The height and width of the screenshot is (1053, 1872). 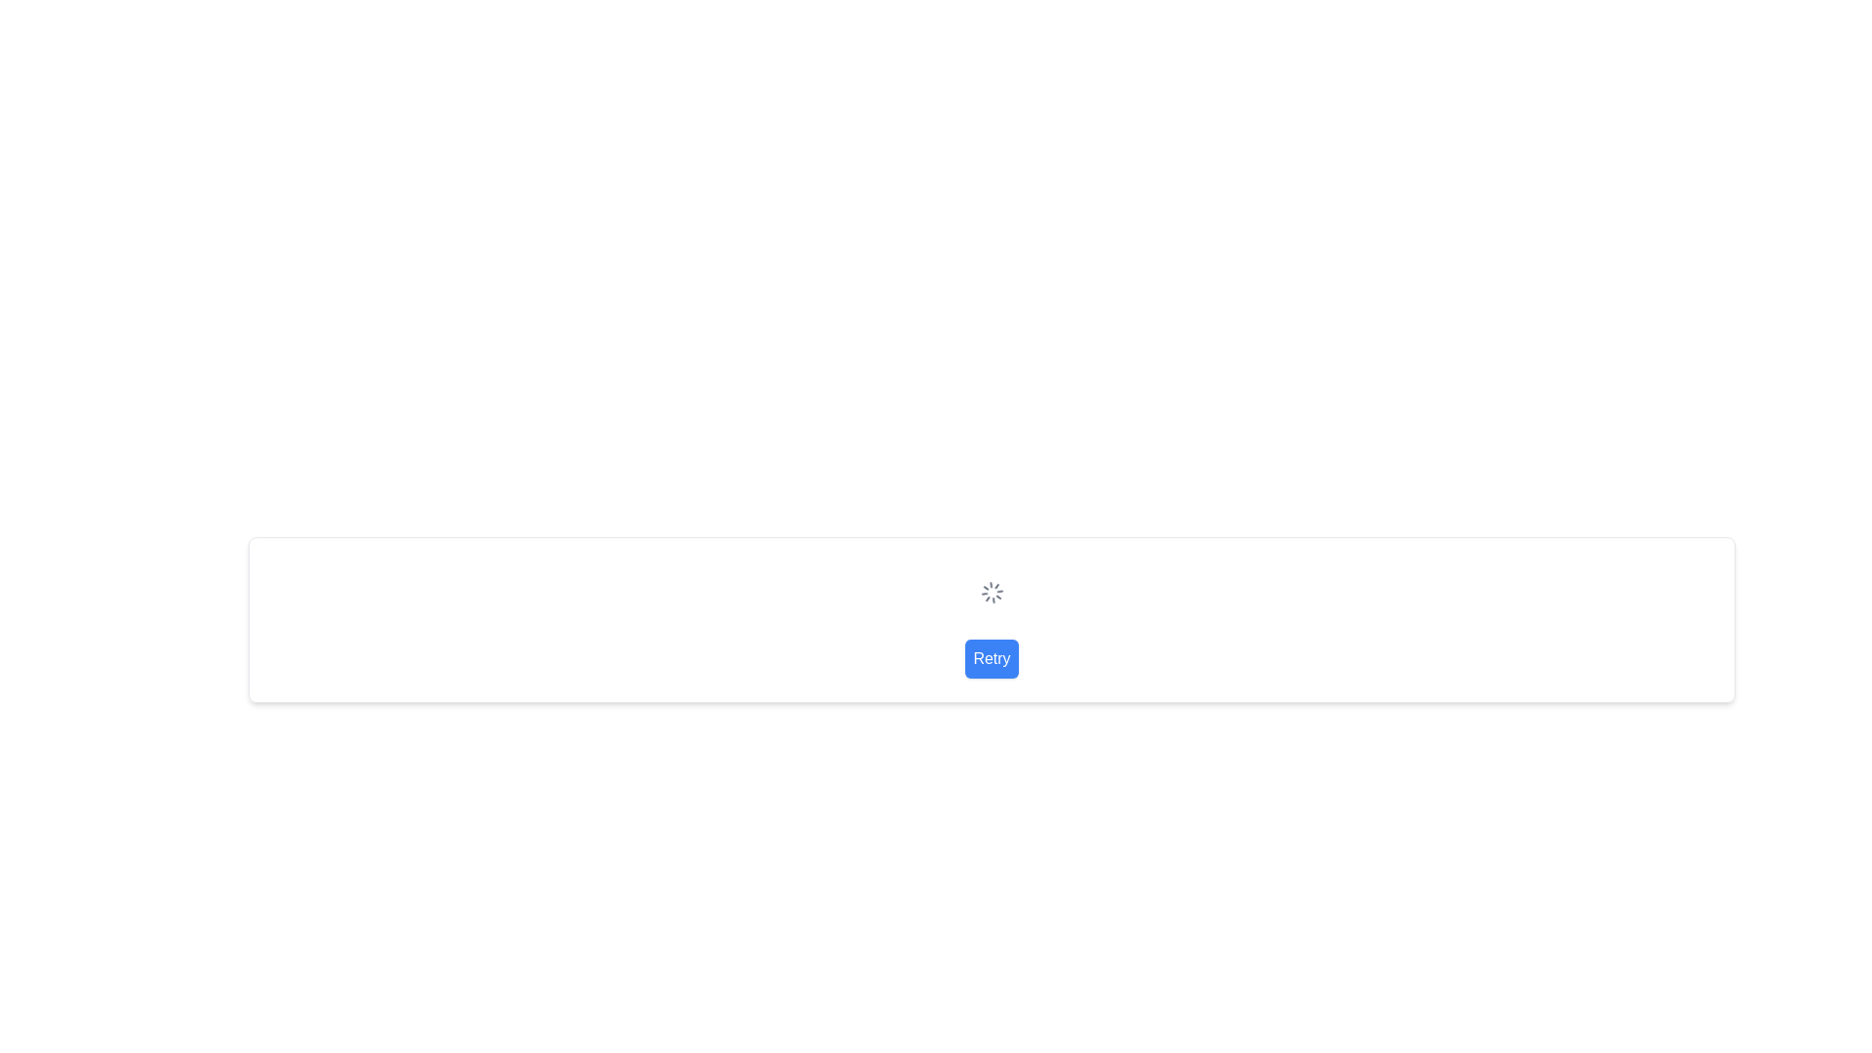 I want to click on the 'Retry' button, which is a rectangular button with rounded corners, a blue background, and white text, positioned below a spinning loader icon, so click(x=992, y=658).